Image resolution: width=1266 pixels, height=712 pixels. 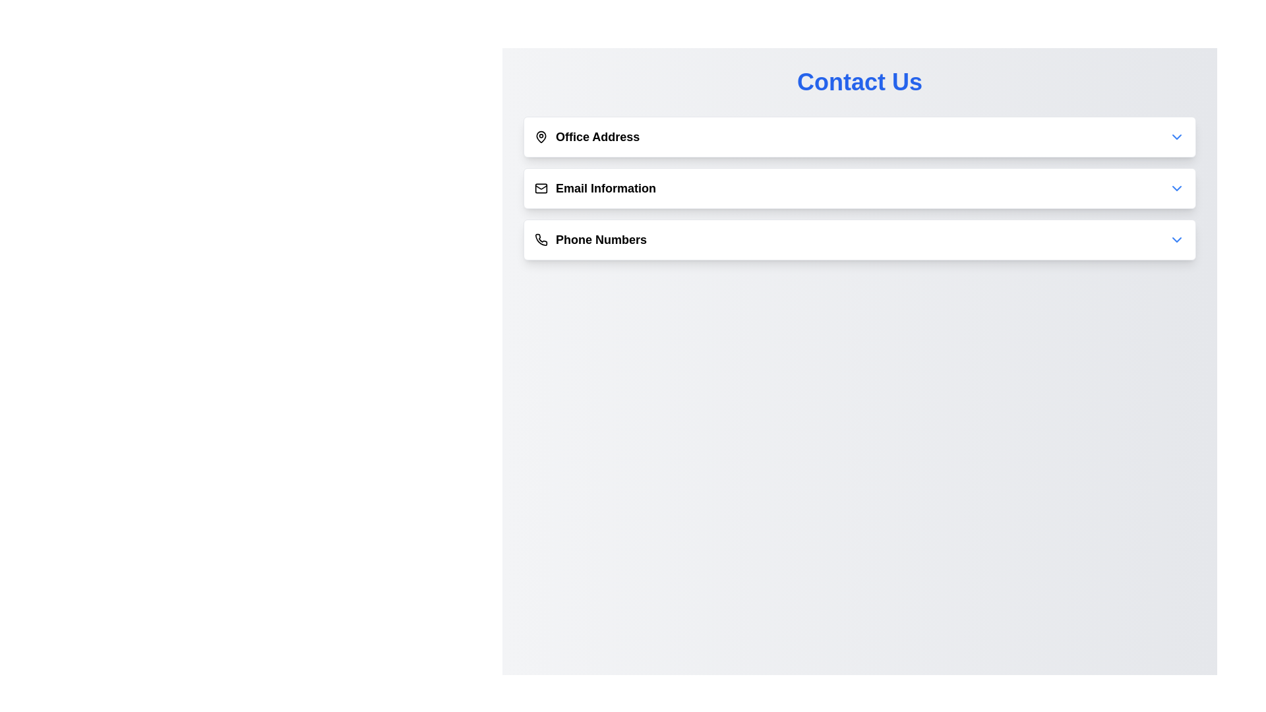 What do you see at coordinates (1177, 188) in the screenshot?
I see `the chevron-down SVG icon located at the far right of the 'Email Information' section` at bounding box center [1177, 188].